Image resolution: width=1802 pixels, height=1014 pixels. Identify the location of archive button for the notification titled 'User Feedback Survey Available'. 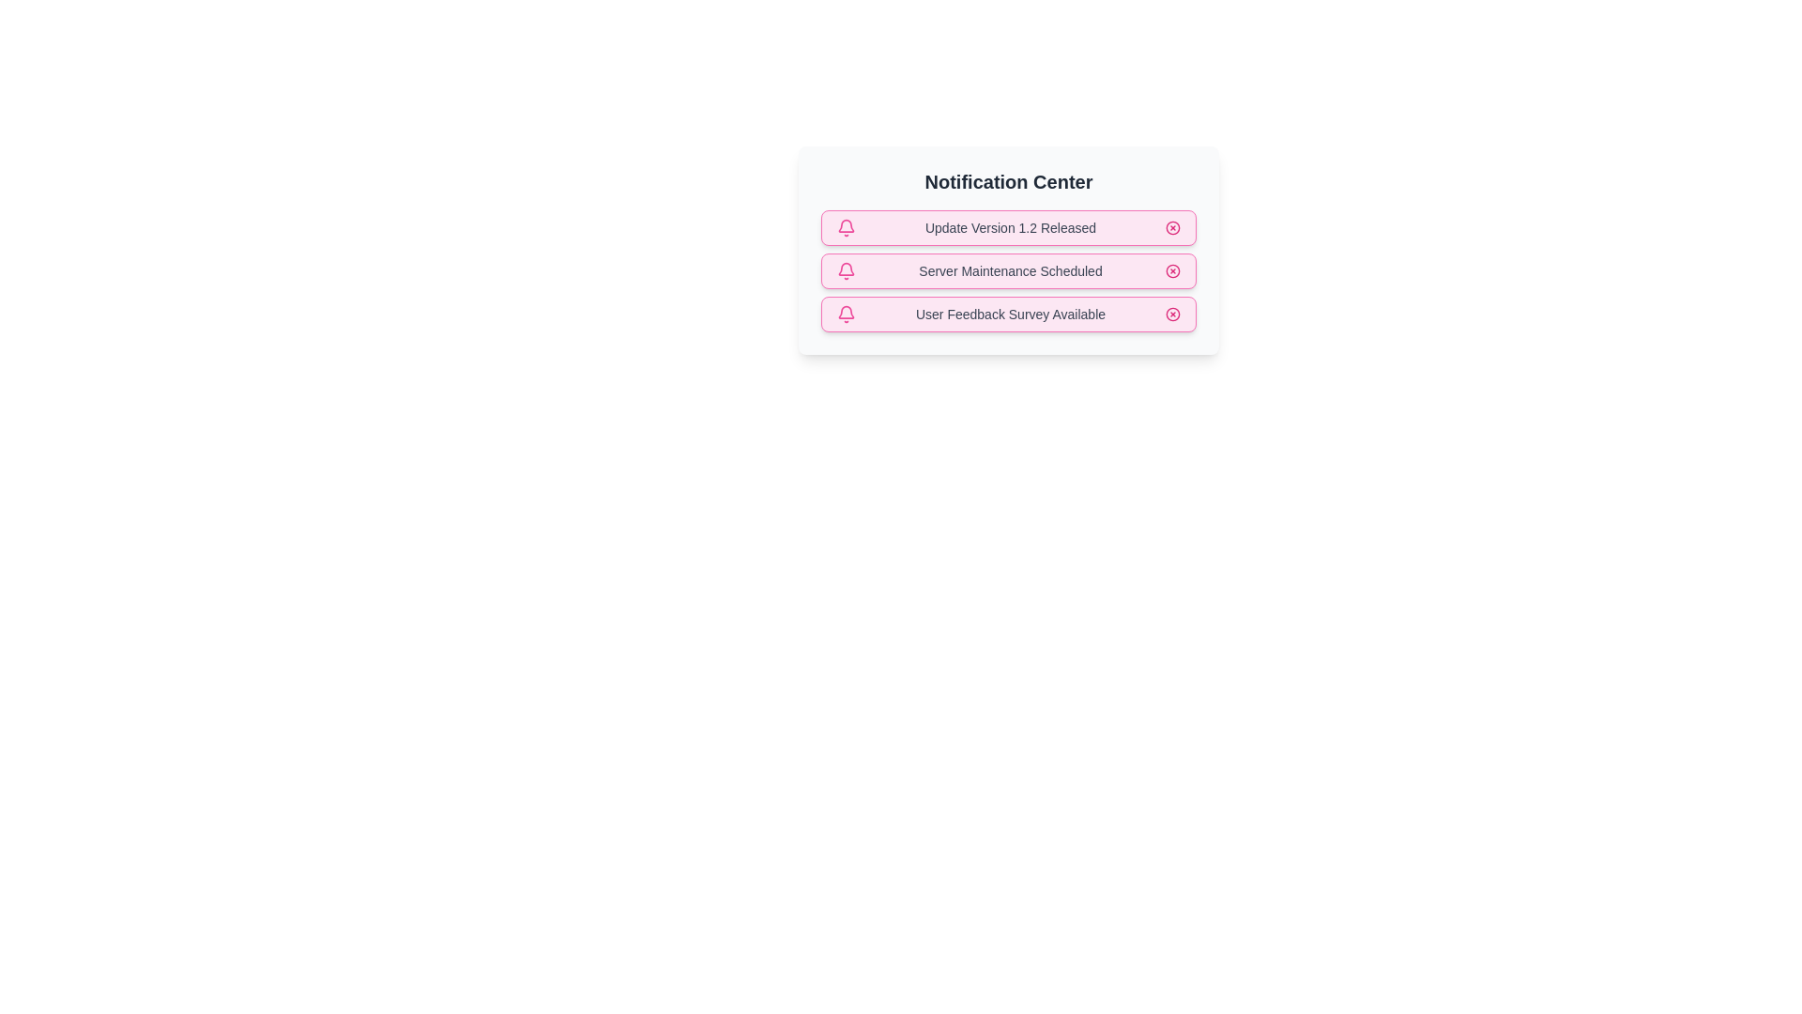
(1171, 314).